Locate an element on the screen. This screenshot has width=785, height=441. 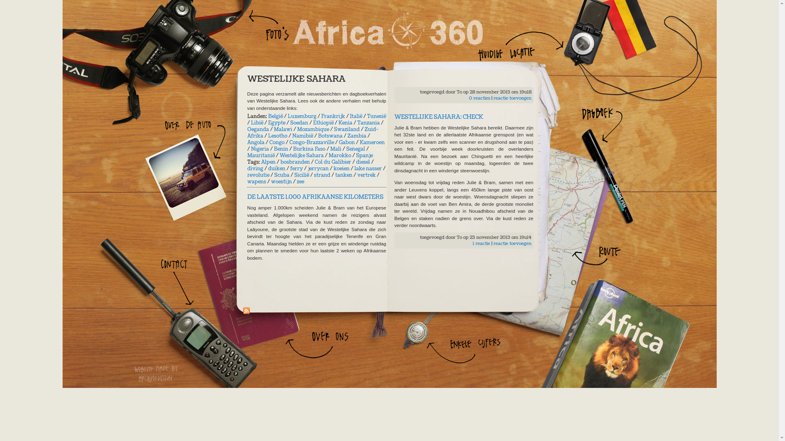
'Burkina Faso' is located at coordinates (308, 149).